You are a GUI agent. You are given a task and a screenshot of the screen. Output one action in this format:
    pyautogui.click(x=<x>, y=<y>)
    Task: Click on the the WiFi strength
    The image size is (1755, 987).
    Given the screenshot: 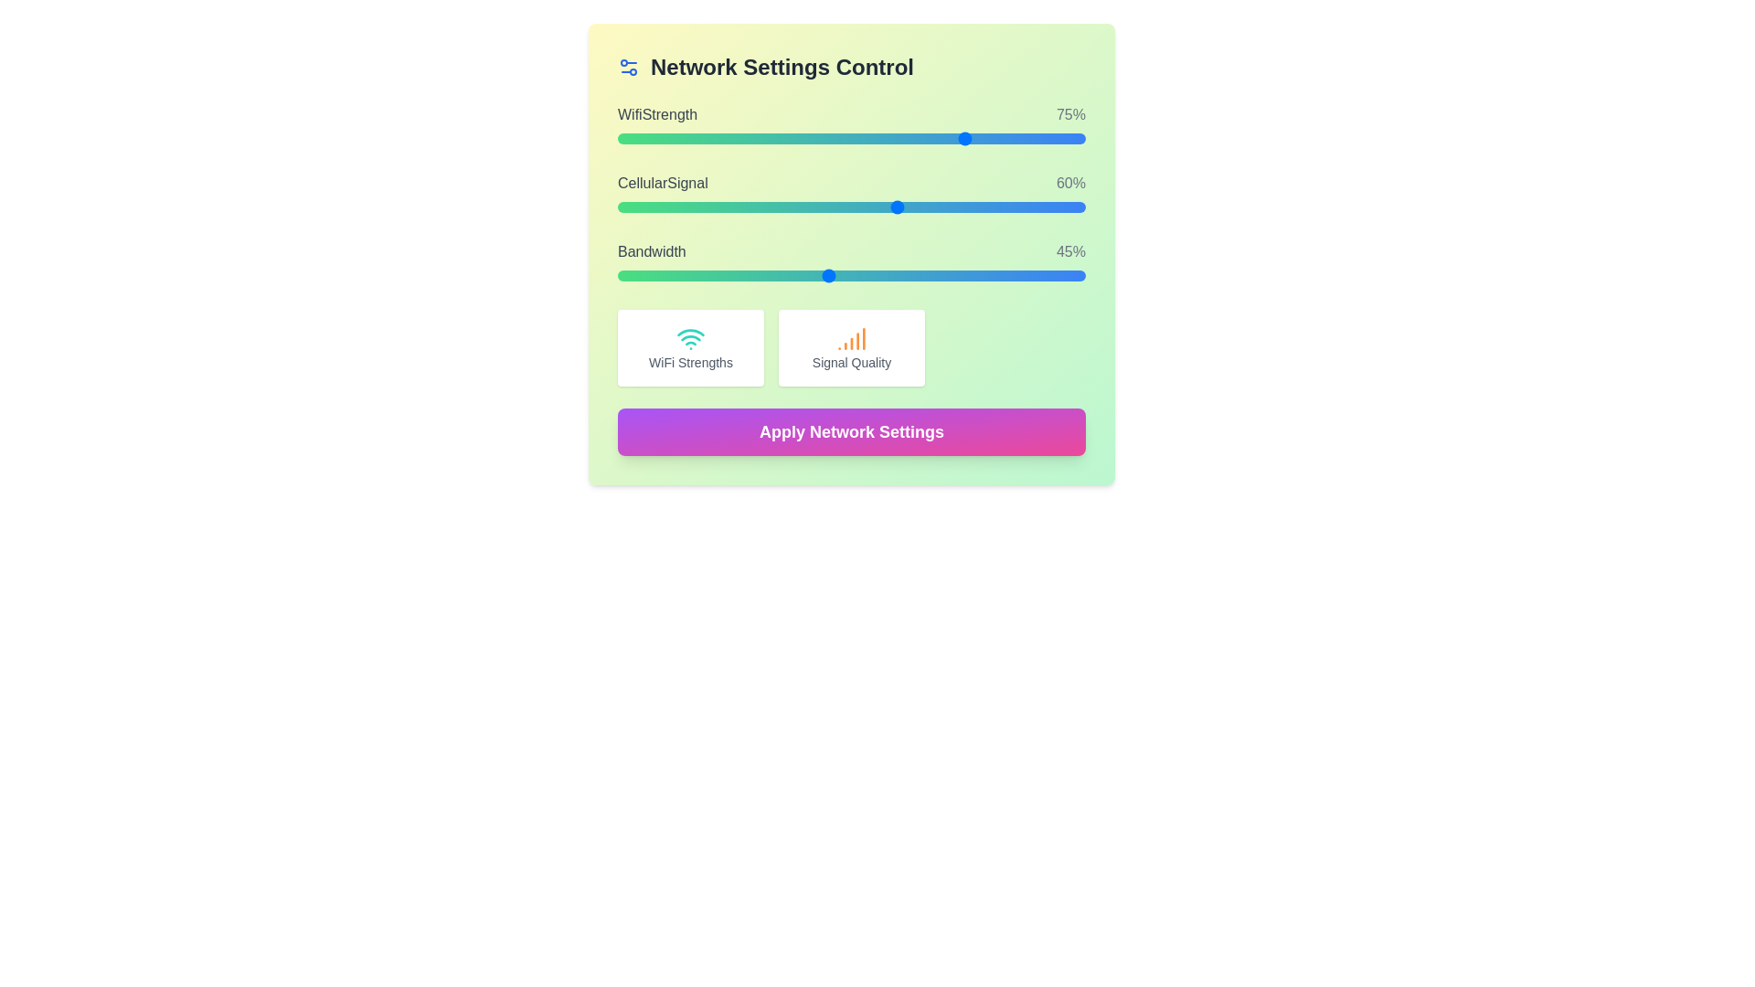 What is the action you would take?
    pyautogui.click(x=808, y=137)
    